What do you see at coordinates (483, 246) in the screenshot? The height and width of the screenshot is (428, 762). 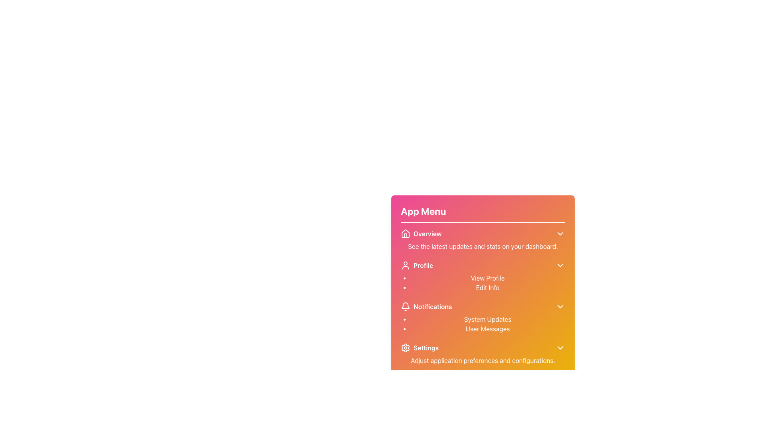 I see `the Informative Text element located below the 'Overview' label, which provides additional context for the section` at bounding box center [483, 246].